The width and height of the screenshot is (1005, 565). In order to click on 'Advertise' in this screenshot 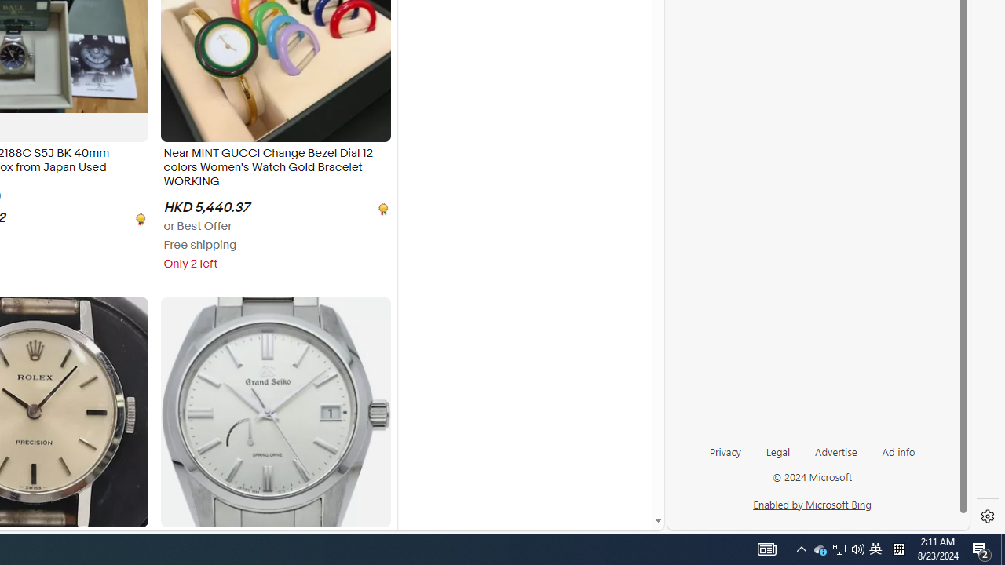, I will do `click(835, 450)`.